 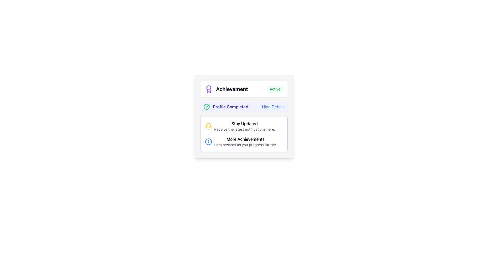 I want to click on the notification icon located in the top section of the notification panel, leftmost within the 'Stay Updated' line, adjacent to the text 'Stay Updated', so click(x=209, y=126).